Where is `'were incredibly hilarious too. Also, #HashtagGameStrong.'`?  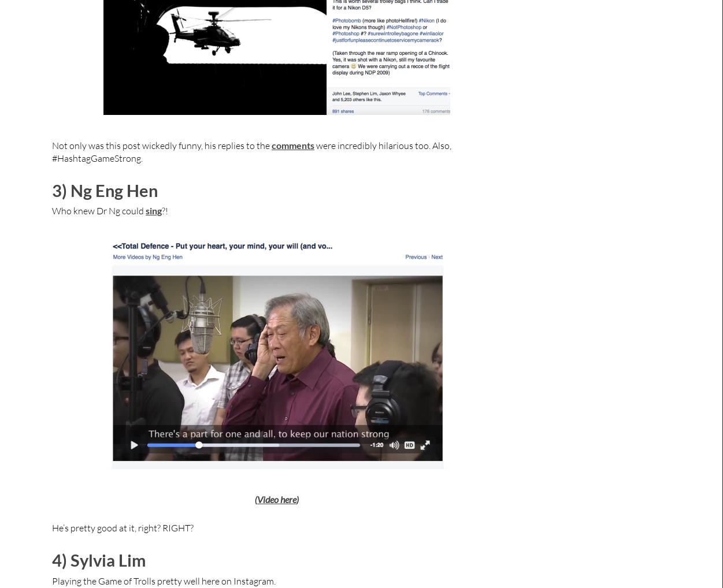
'were incredibly hilarious too. Also, #HashtagGameStrong.' is located at coordinates (251, 151).